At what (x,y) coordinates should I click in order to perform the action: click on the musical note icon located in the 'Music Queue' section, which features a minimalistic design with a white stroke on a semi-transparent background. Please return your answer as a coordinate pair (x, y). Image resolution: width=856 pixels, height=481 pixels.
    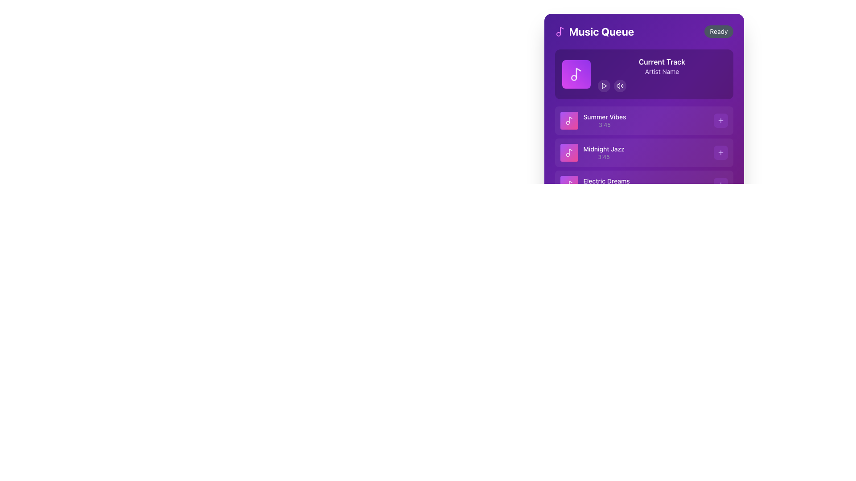
    Looking at the image, I should click on (568, 152).